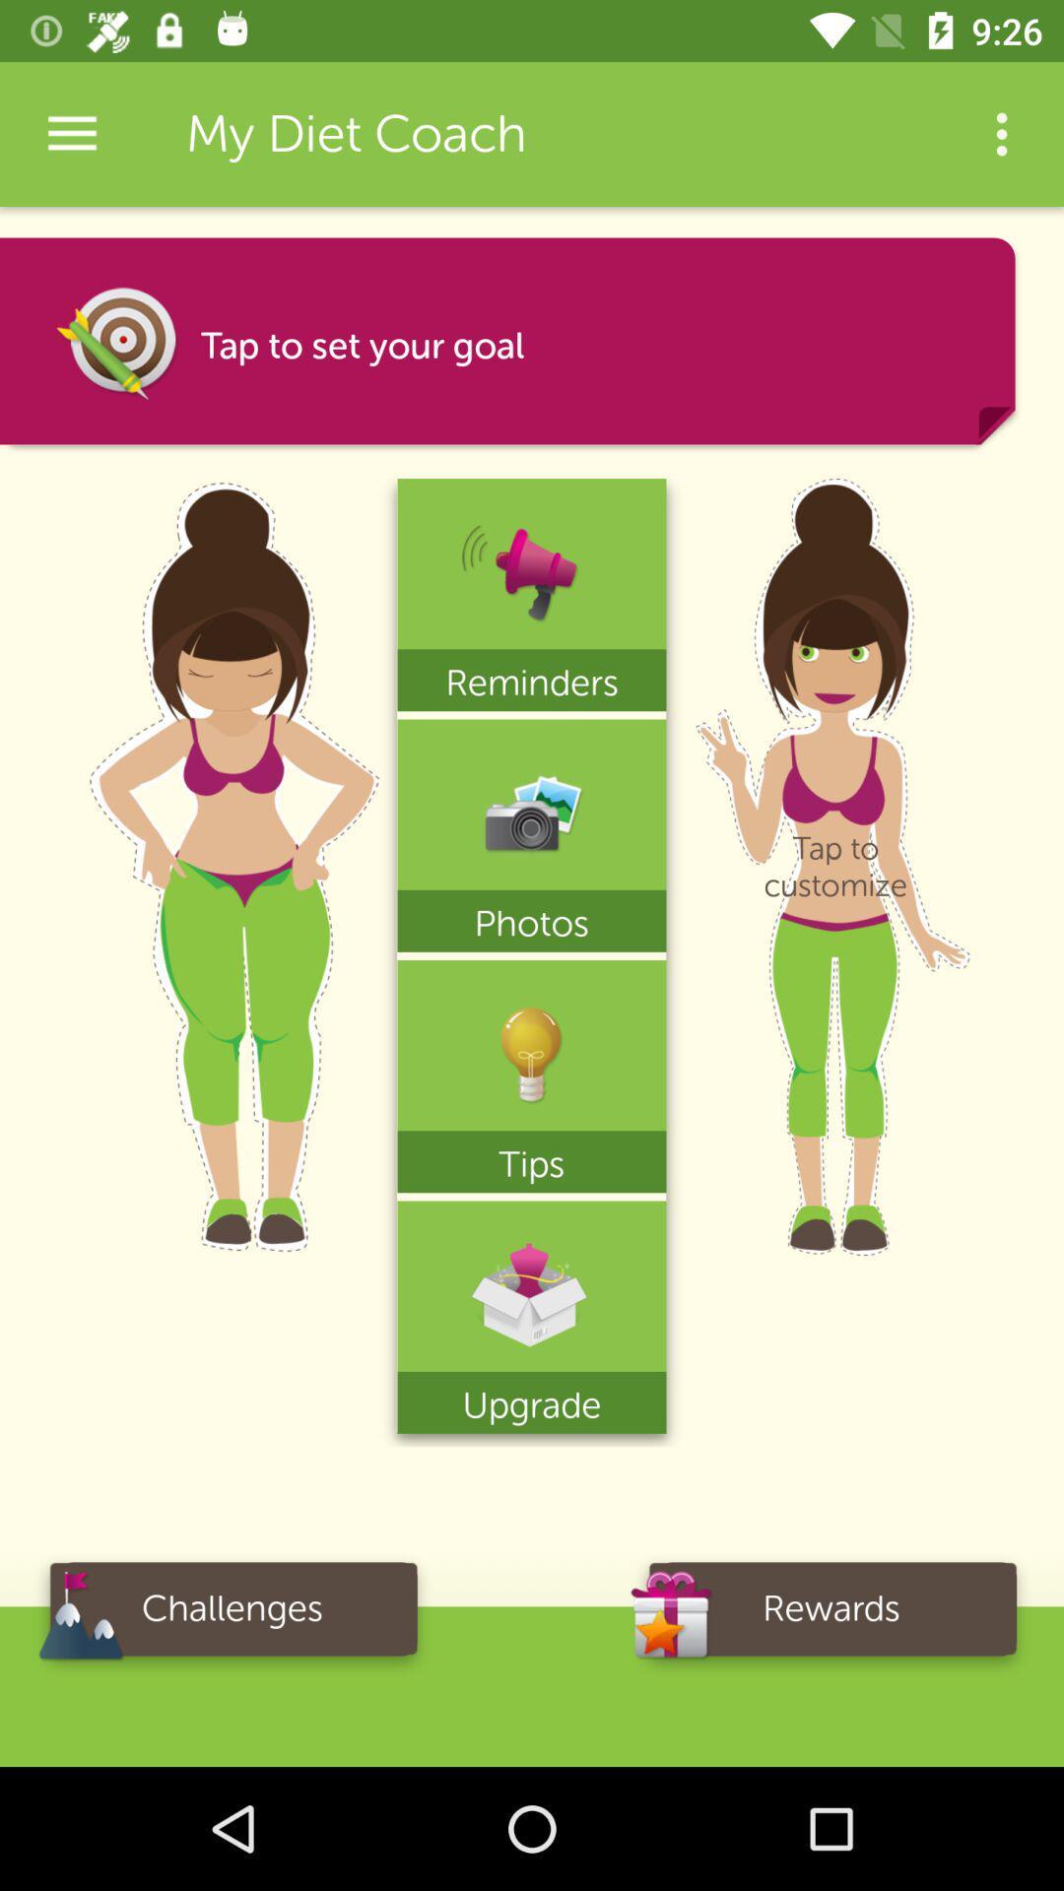 This screenshot has width=1064, height=1891. What do you see at coordinates (831, 1615) in the screenshot?
I see `the rewards at the bottom right corner` at bounding box center [831, 1615].